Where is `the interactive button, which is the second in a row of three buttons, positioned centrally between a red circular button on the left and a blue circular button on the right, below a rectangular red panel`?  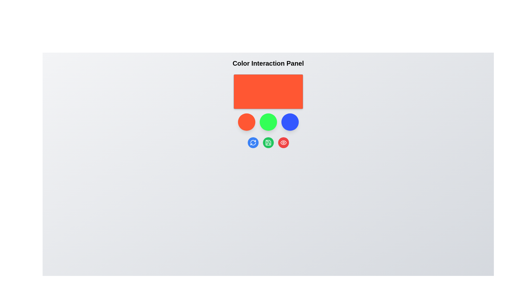
the interactive button, which is the second in a row of three buttons, positioned centrally between a red circular button on the left and a blue circular button on the right, below a rectangular red panel is located at coordinates (268, 122).